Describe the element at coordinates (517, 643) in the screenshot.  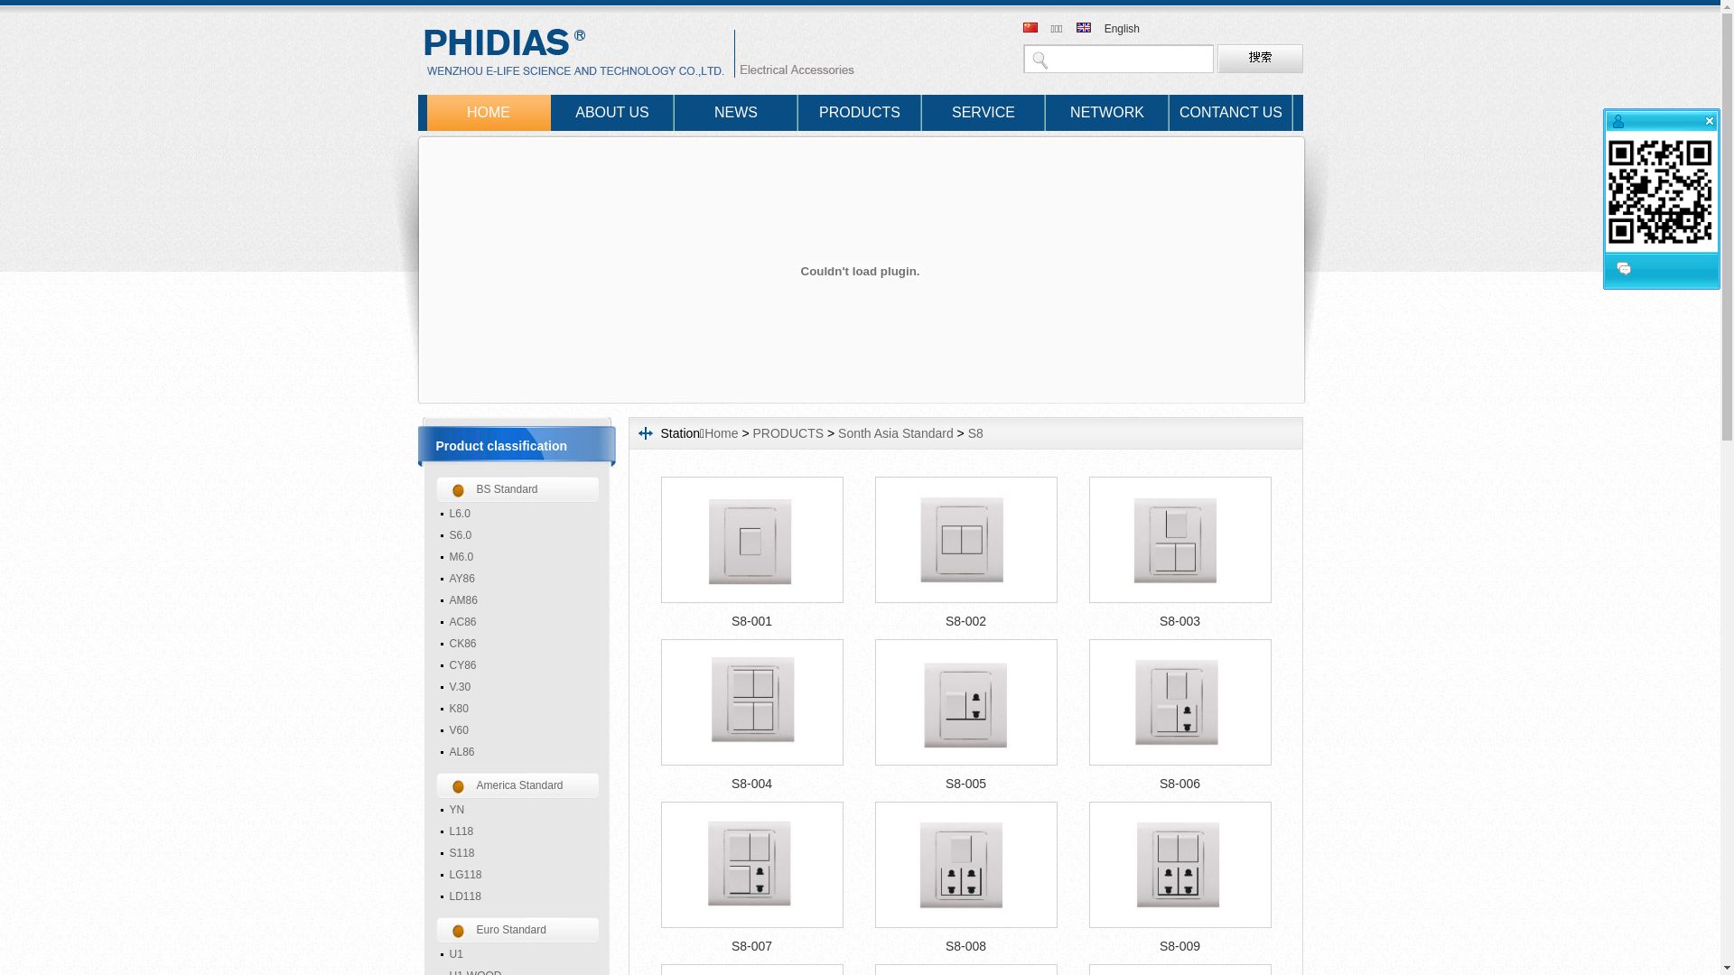
I see `'CK86'` at that location.